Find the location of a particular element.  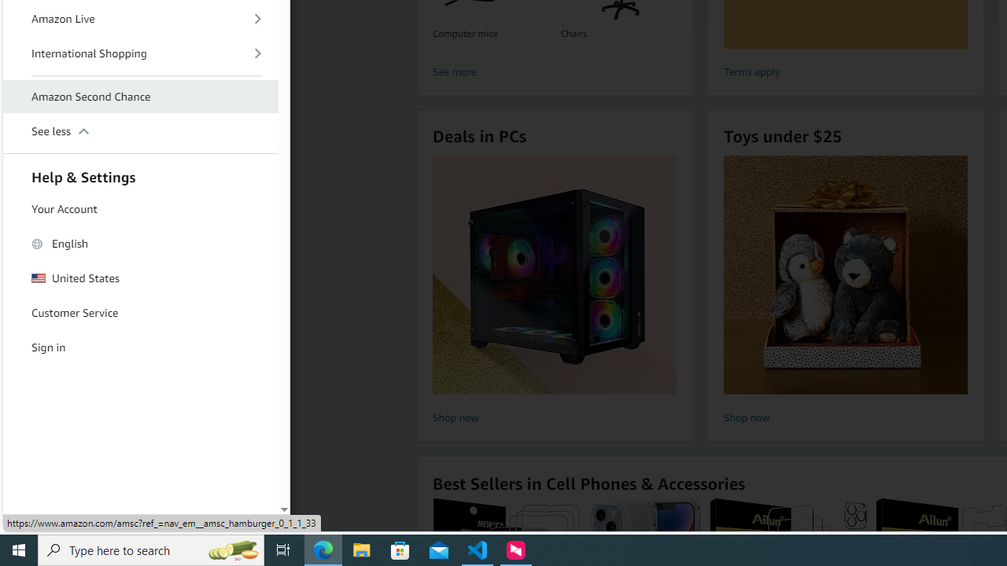

'Amazon Live' is located at coordinates (141, 19).